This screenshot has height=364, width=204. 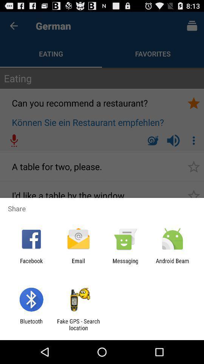 I want to click on messaging app, so click(x=125, y=264).